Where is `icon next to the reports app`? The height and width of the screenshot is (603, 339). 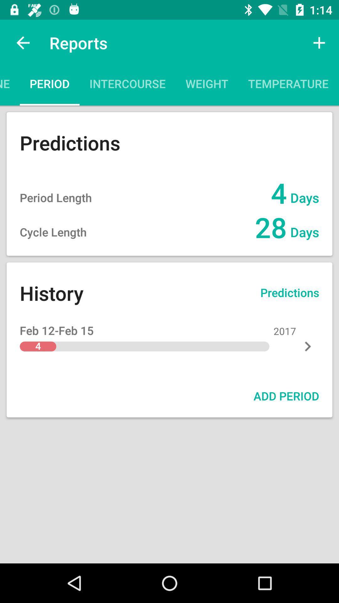
icon next to the reports app is located at coordinates (23, 42).